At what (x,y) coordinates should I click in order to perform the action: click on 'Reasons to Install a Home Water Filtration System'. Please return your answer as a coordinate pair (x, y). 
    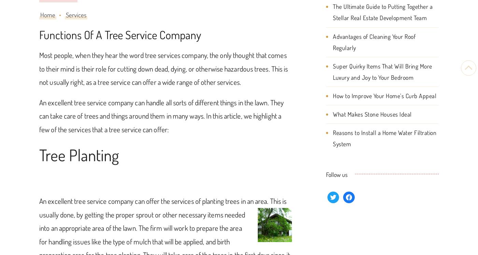
    Looking at the image, I should click on (384, 138).